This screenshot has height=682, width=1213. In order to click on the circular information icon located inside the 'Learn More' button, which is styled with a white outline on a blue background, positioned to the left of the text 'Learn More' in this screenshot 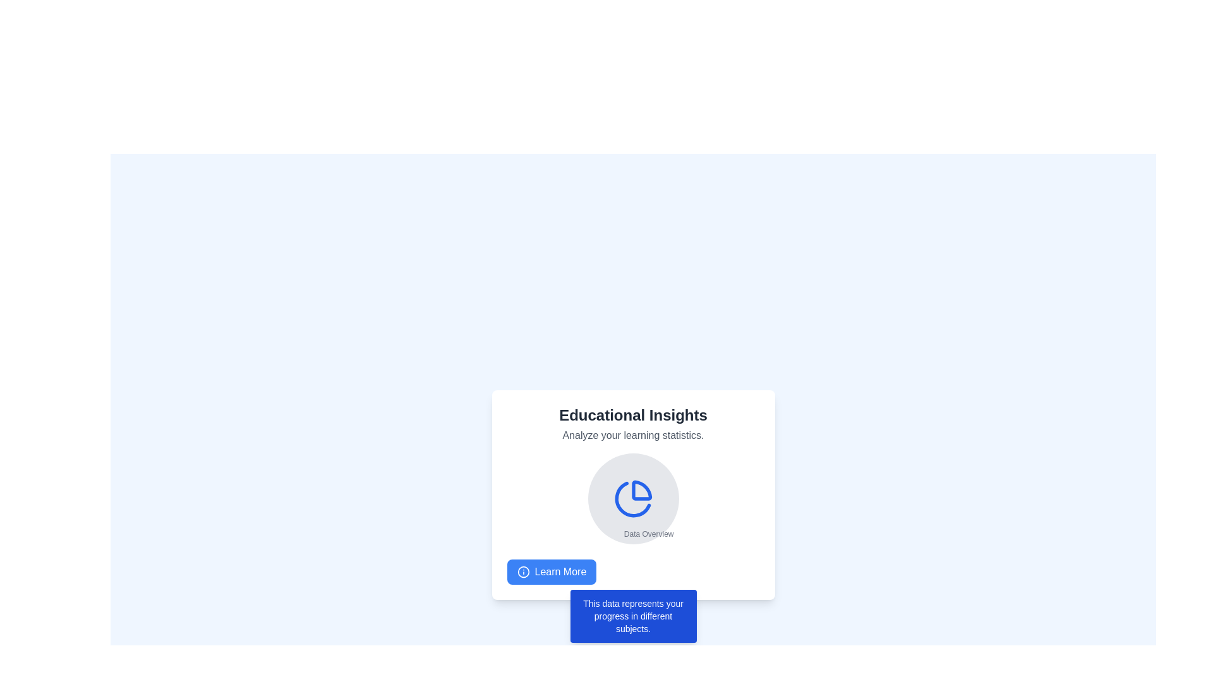, I will do `click(523, 572)`.